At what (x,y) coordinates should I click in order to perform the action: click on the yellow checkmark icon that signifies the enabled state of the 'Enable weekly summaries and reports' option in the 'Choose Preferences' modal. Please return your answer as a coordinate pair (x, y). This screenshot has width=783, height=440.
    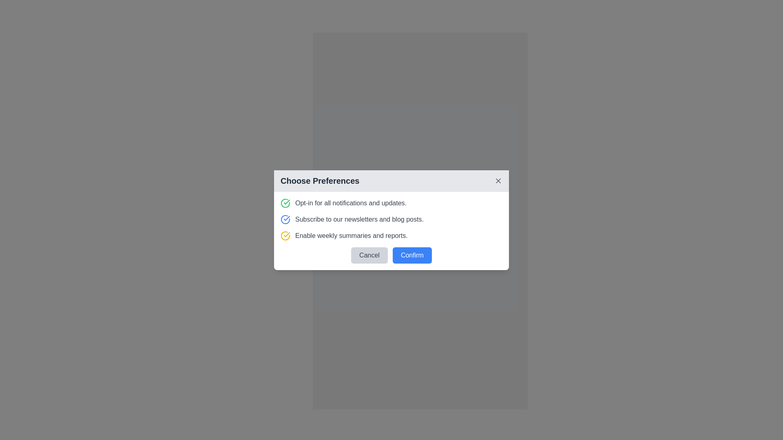
    Looking at the image, I should click on (287, 234).